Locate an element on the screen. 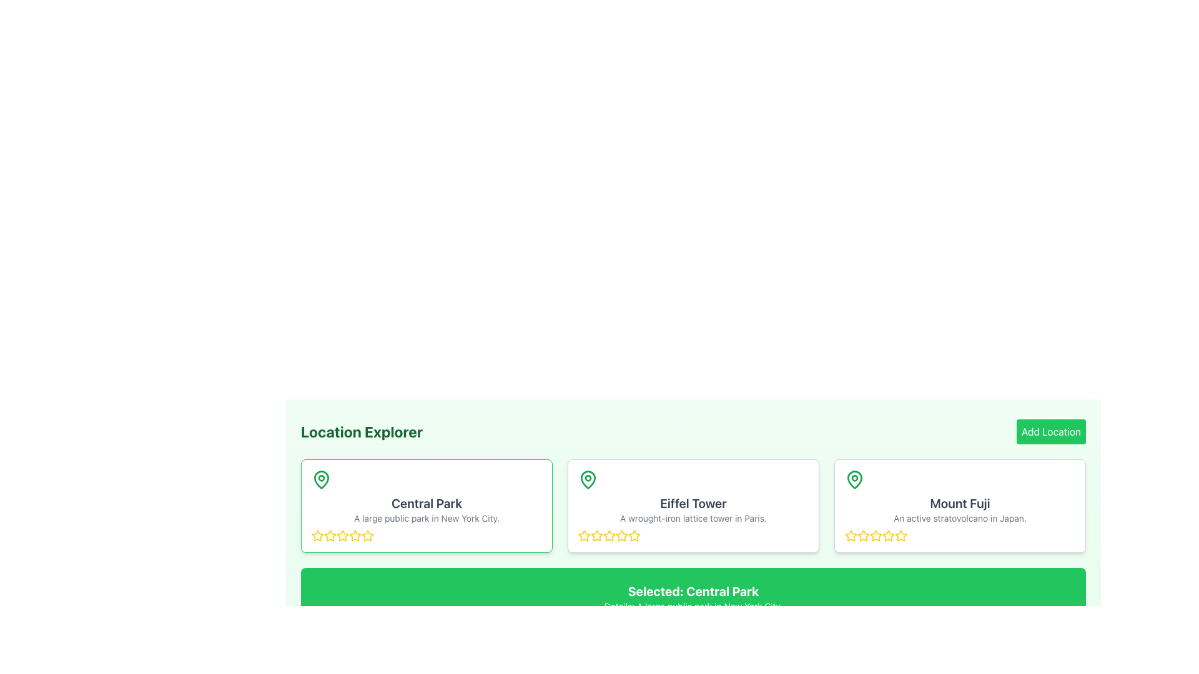 The width and height of the screenshot is (1199, 674). the second star icon from the left in the row of rating stars for the 'Mount Fuji' card, which has a yellow border and transparent fill is located at coordinates (862, 535).